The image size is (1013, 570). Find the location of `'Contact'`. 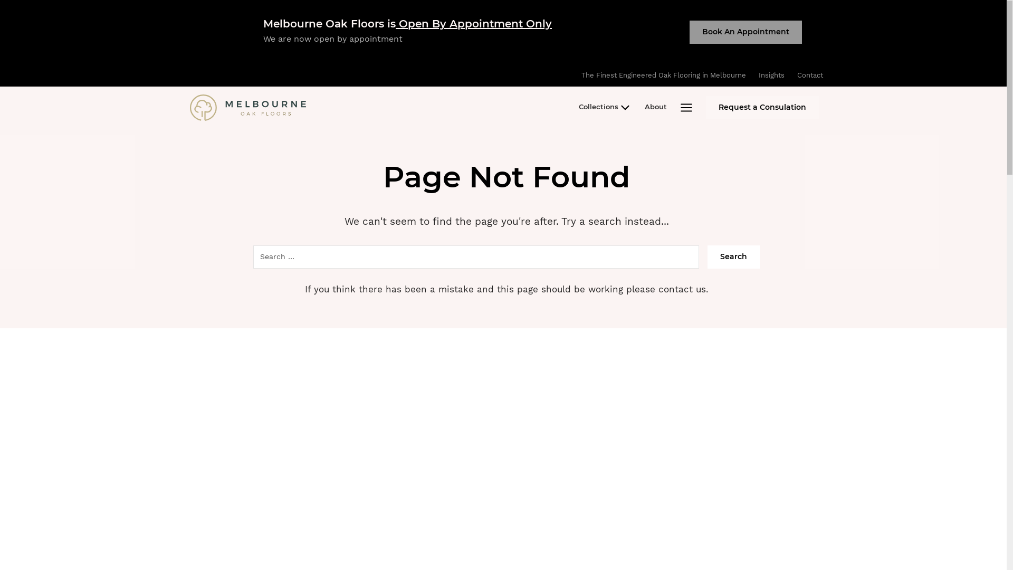

'Contact' is located at coordinates (790, 74).